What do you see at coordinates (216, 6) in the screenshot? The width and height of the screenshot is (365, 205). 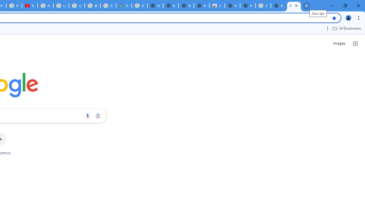 I see `'Chrome Web Store'` at bounding box center [216, 6].